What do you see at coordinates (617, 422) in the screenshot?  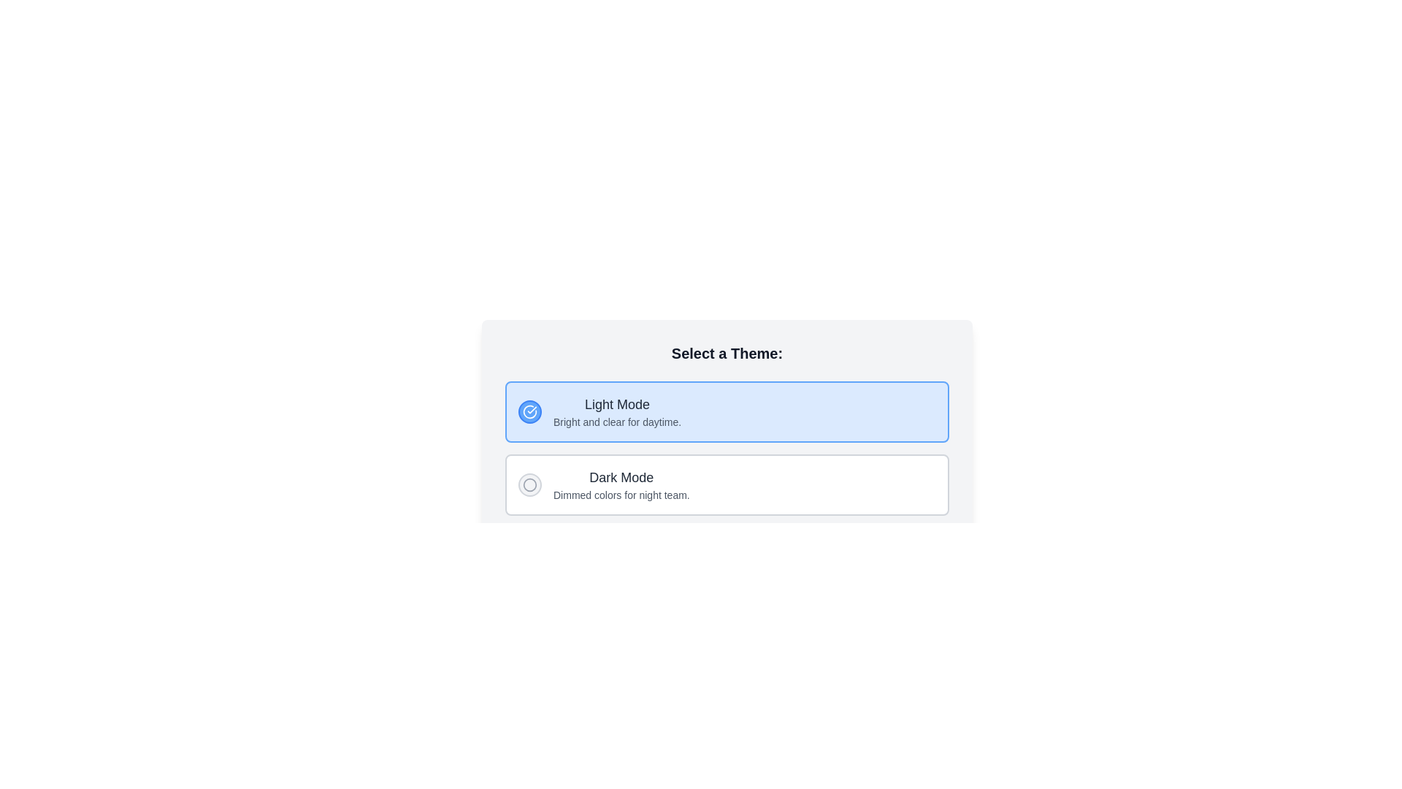 I see `the Text Label that provides a description for the 'Light Mode' option, located below the 'Light Mode' text in the highlighted blue area` at bounding box center [617, 422].